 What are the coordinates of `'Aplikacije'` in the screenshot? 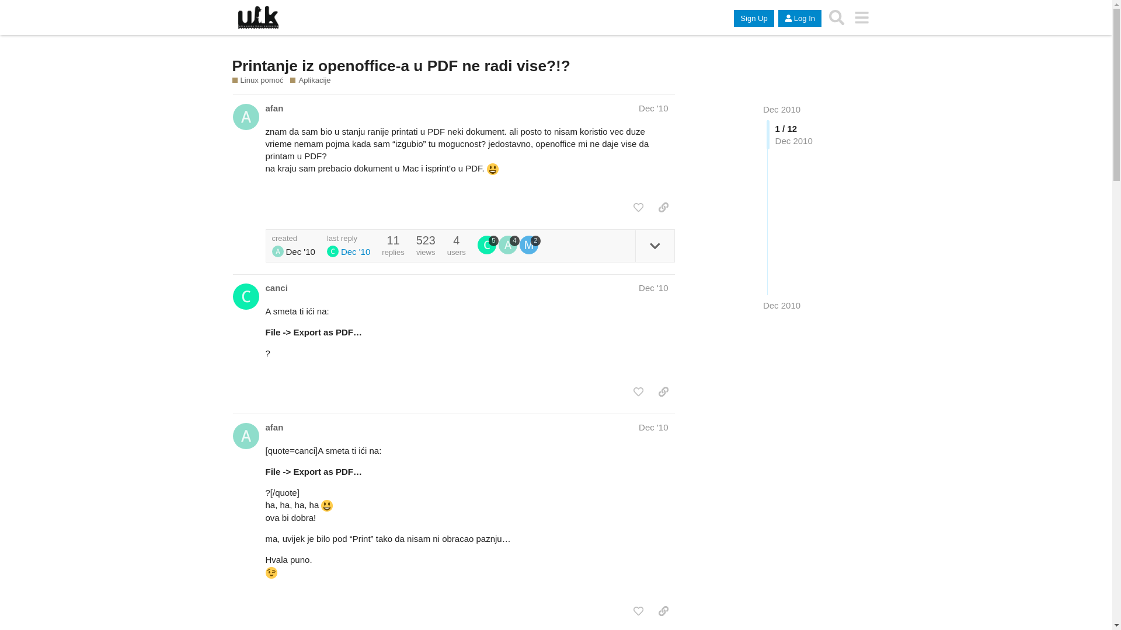 It's located at (310, 80).